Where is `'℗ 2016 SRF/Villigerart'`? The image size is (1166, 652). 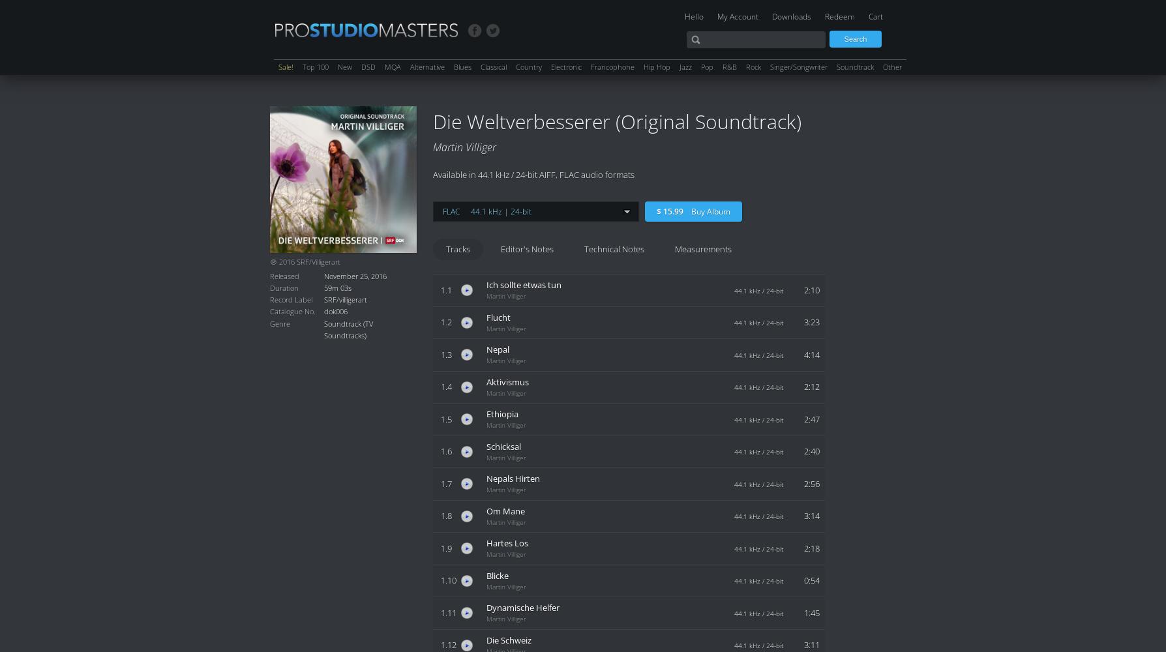 '℗ 2016 SRF/Villigerart' is located at coordinates (305, 262).